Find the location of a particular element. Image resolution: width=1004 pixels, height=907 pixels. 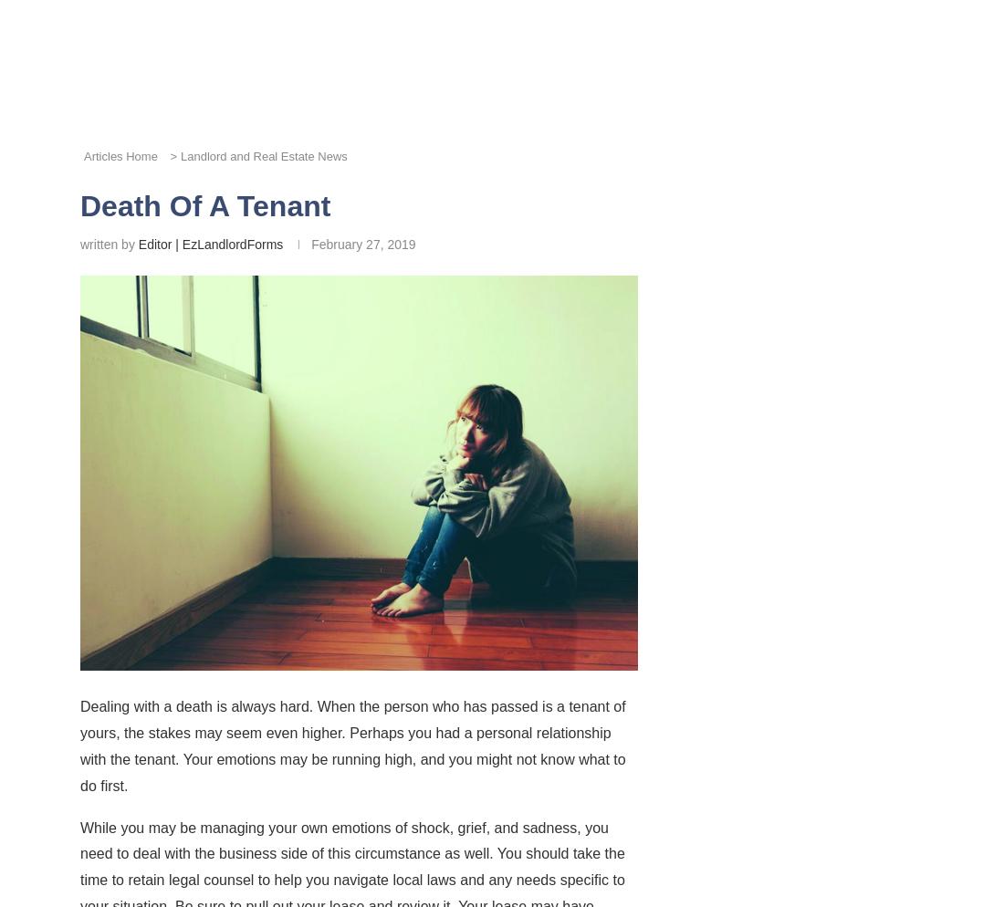

'4 Questions to Think About When Estate Planning with a Rental' is located at coordinates (203, 563).